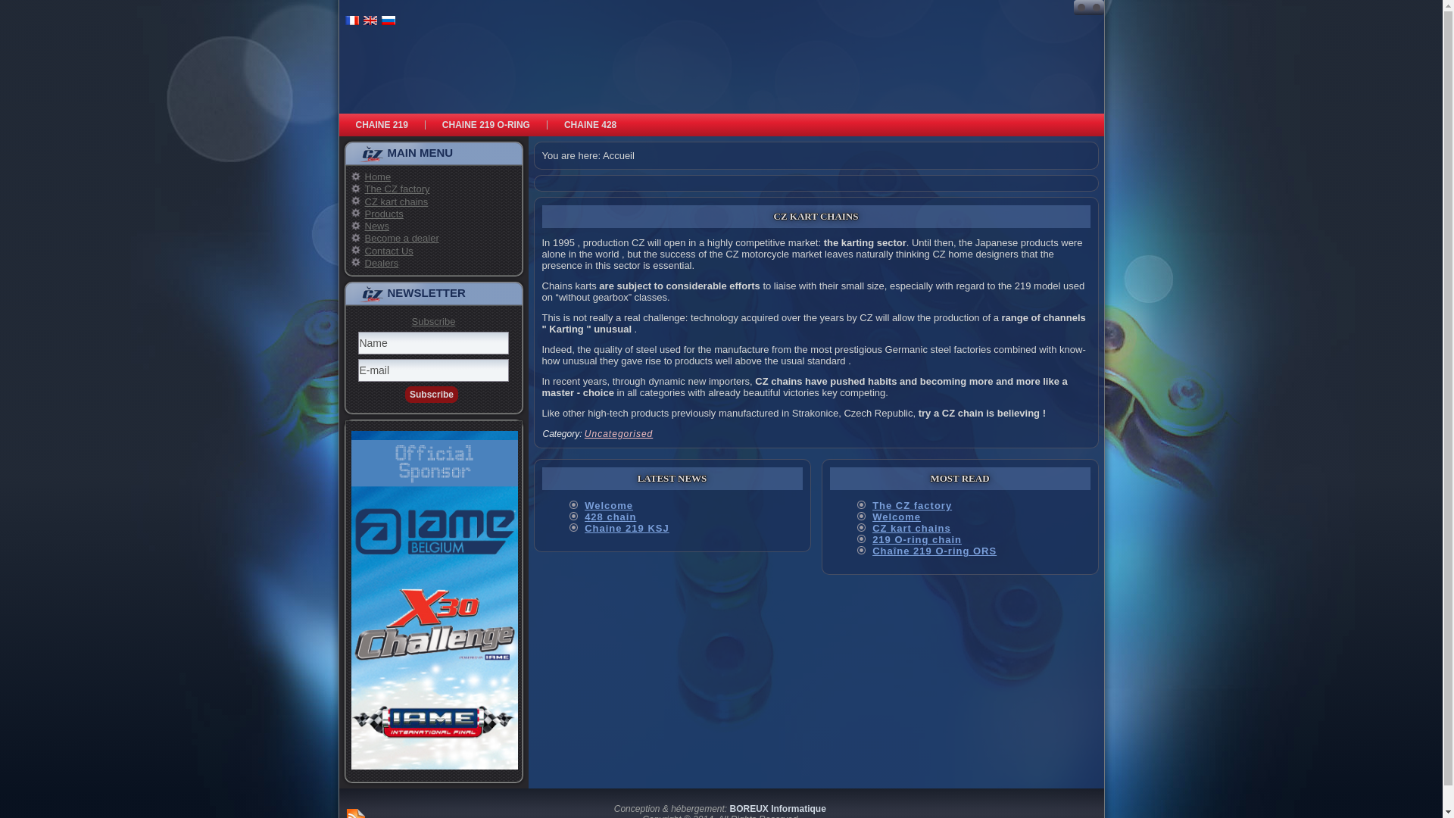 The width and height of the screenshot is (1454, 818). I want to click on 'Contact Us', so click(364, 250).